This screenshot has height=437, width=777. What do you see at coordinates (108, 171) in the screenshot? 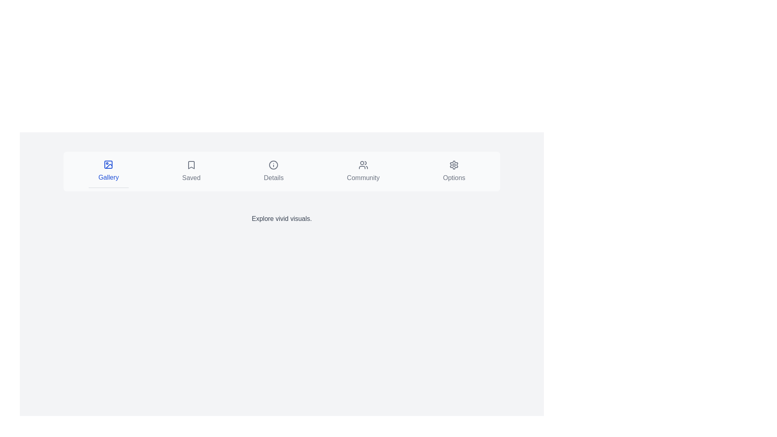
I see `the tab labeled Gallery to display its associated content` at bounding box center [108, 171].